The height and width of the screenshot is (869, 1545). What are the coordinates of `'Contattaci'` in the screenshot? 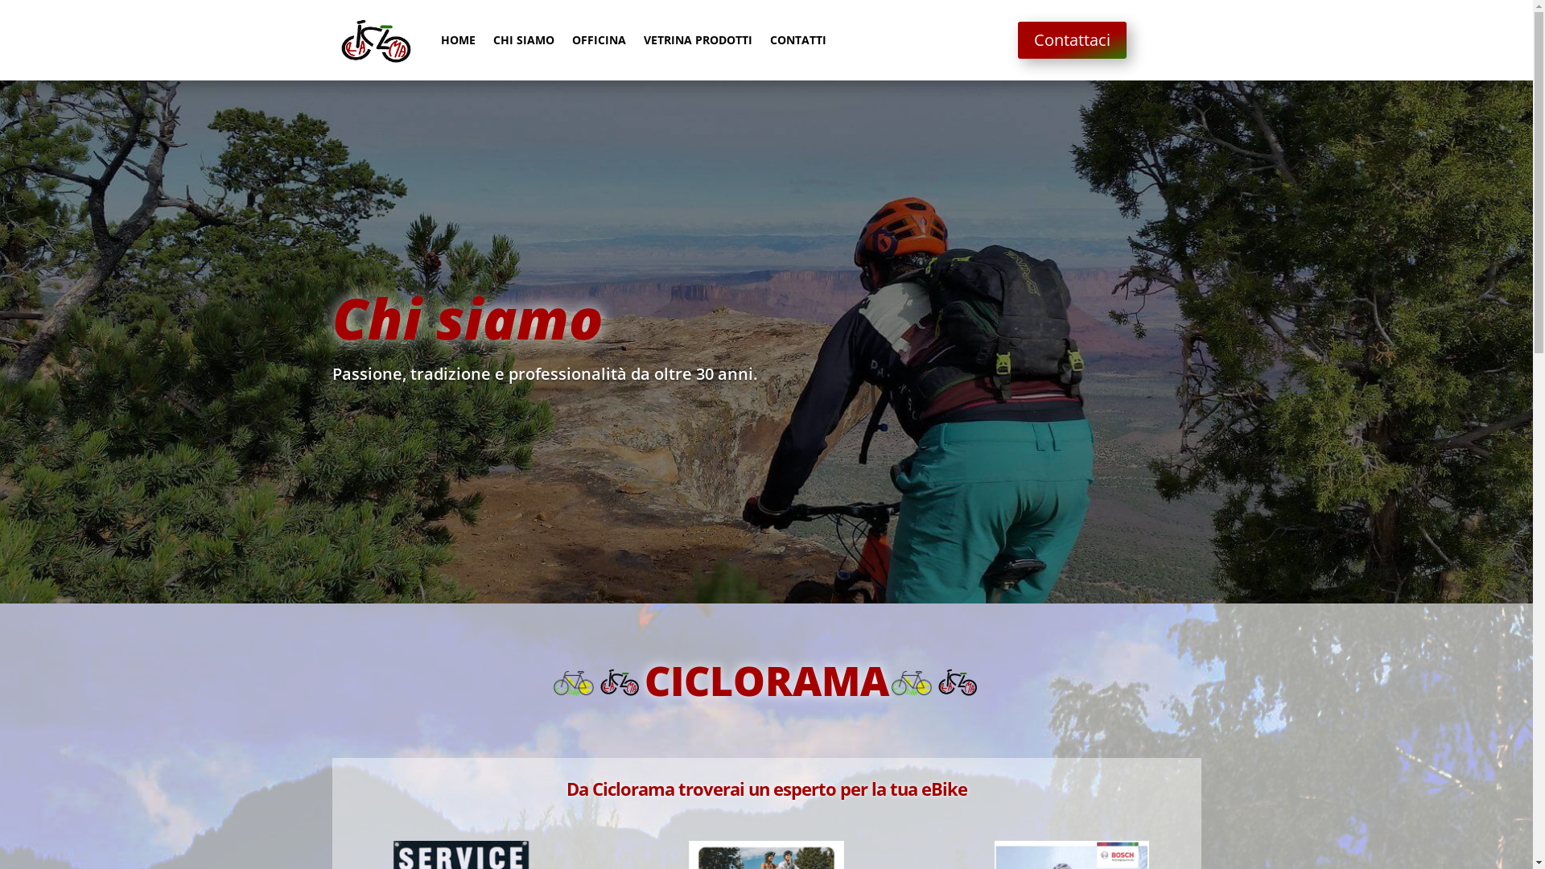 It's located at (1072, 39).